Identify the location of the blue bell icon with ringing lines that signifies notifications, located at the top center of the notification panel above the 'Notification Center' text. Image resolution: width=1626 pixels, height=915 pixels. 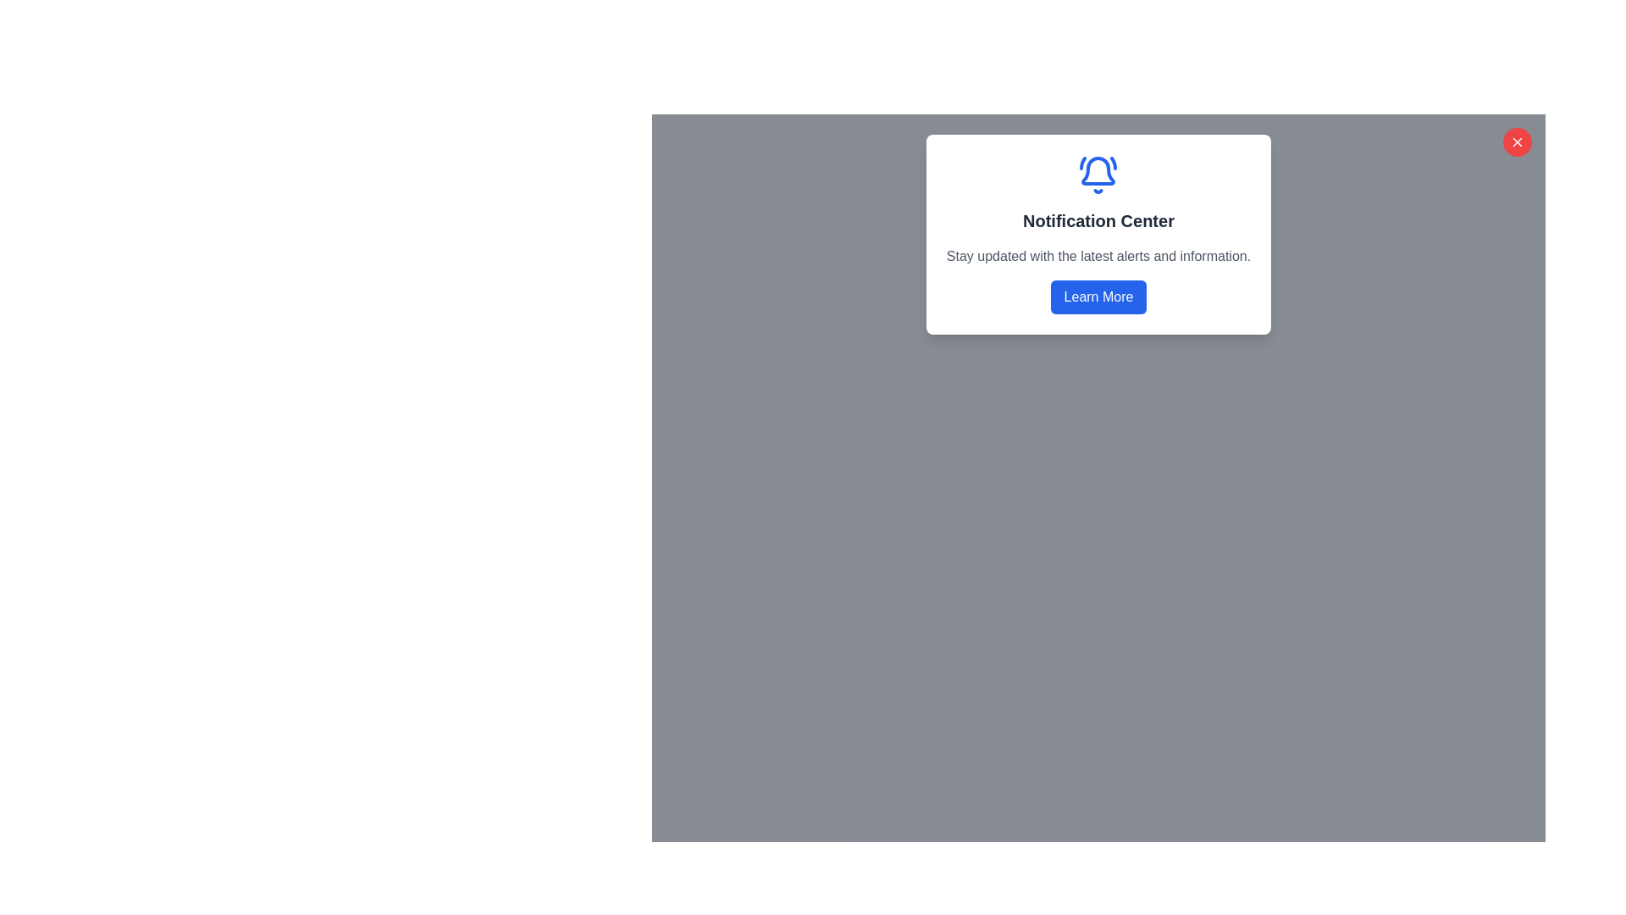
(1098, 175).